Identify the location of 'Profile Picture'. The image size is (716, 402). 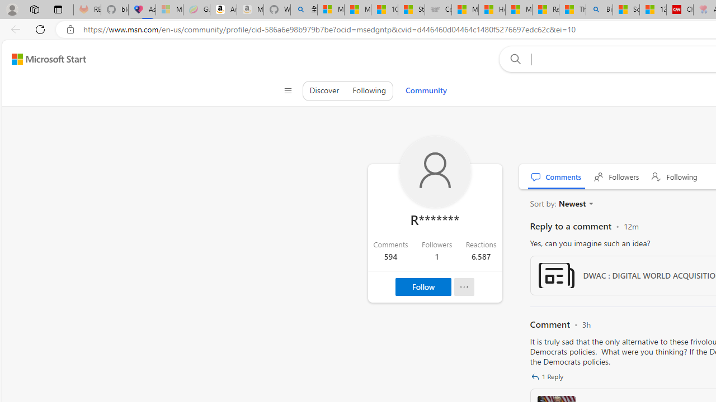
(434, 172).